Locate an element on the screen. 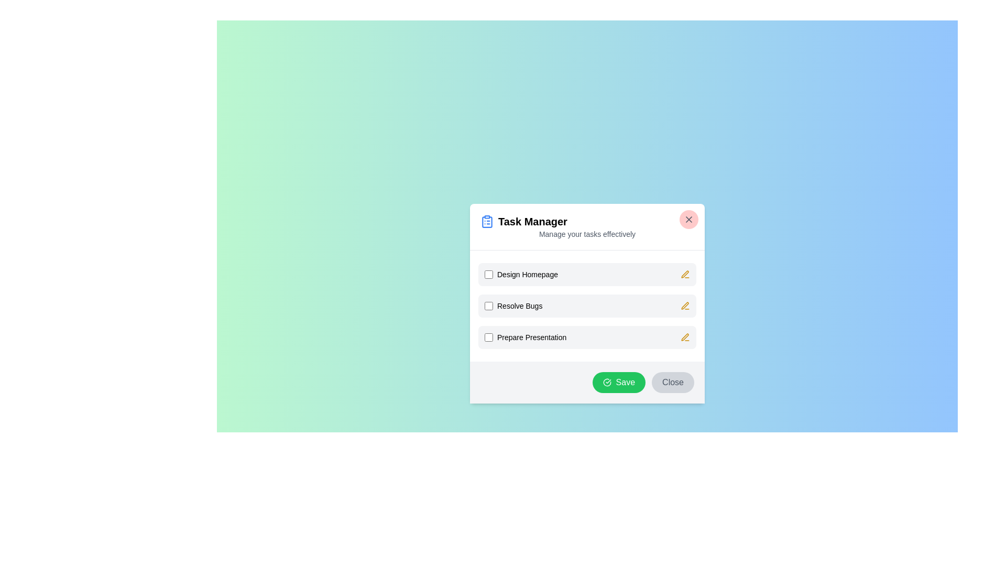  text label located in the second row of the Task Manager interface, which provides context for the task 'Design Homepage' is located at coordinates (520, 306).